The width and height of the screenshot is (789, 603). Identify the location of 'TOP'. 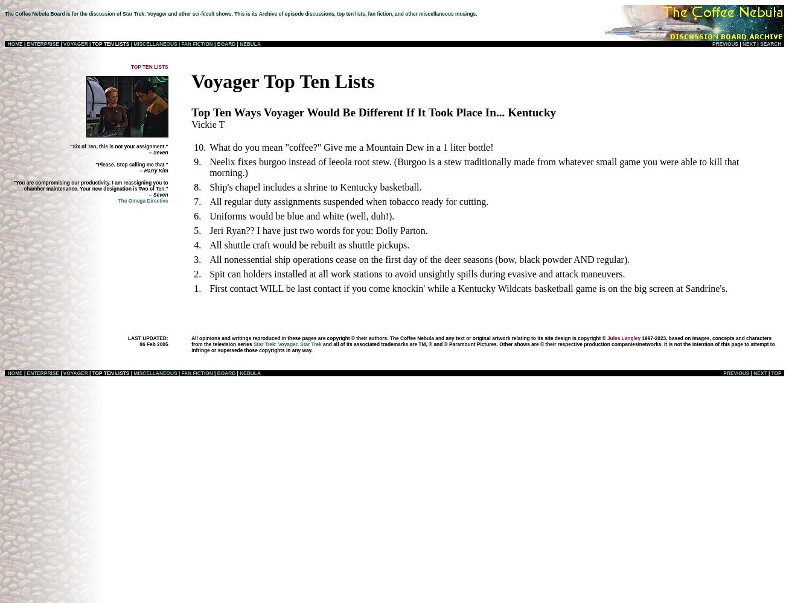
(775, 372).